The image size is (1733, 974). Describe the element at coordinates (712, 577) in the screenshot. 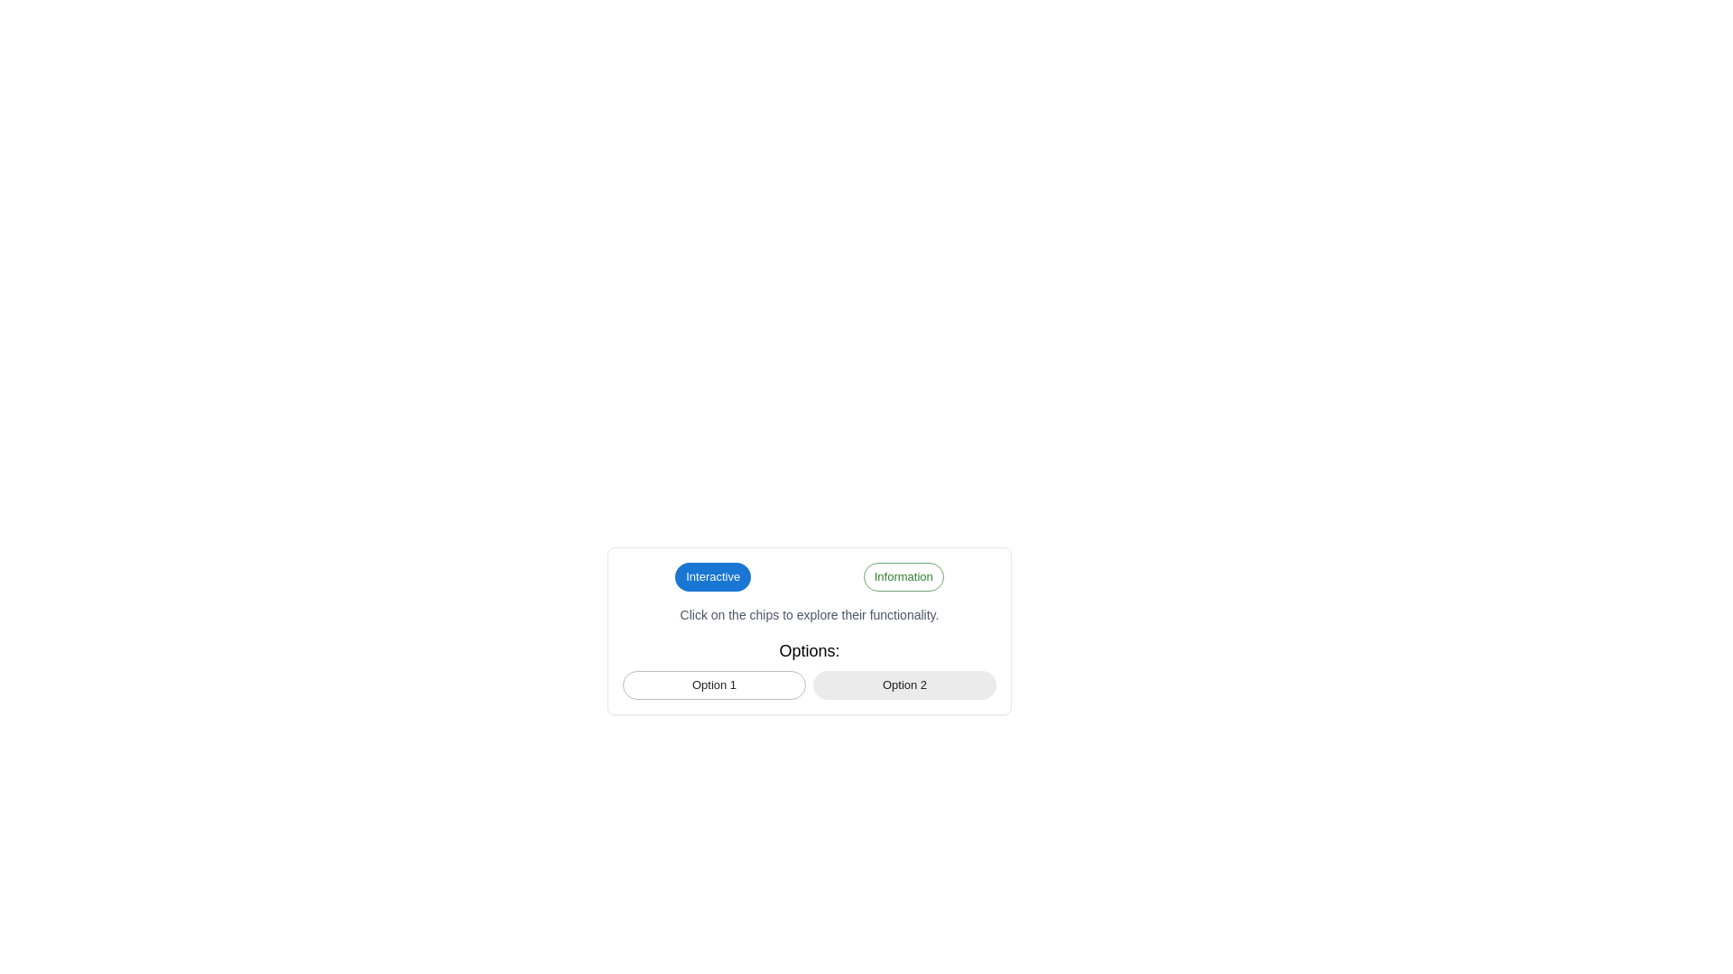

I see `the text label displaying 'Interactive', which is styled with a medium font size and contained within a blue-filled chip located on the left side of a component group` at that location.